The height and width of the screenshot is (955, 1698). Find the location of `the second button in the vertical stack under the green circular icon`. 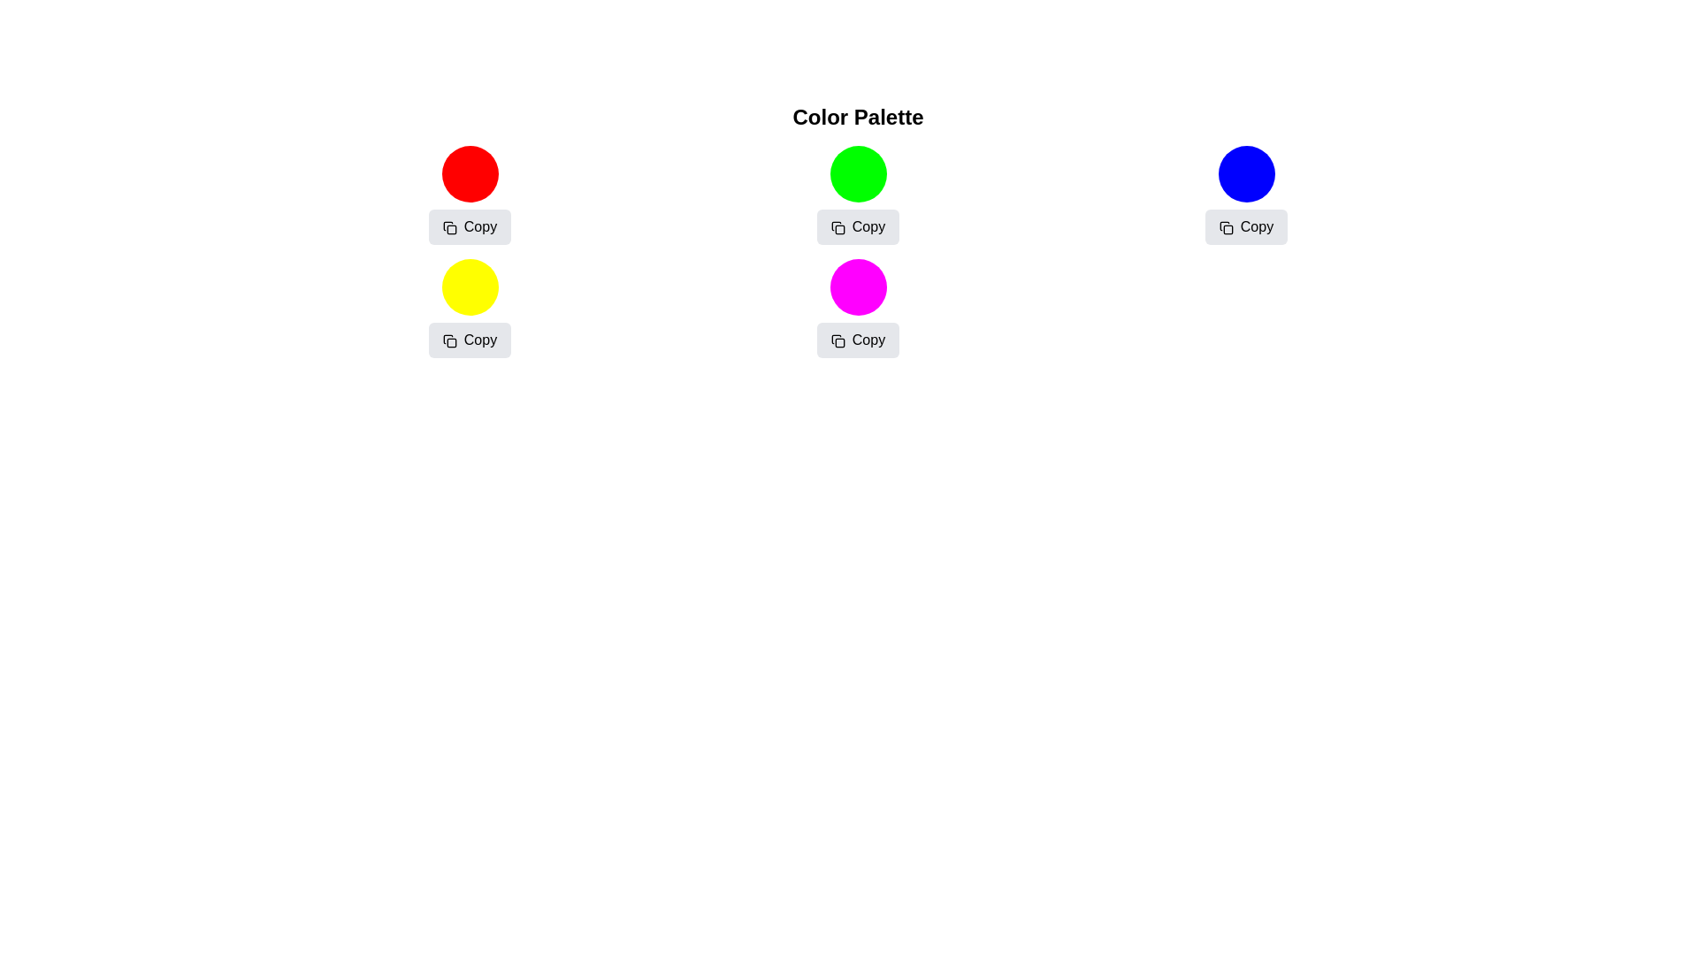

the second button in the vertical stack under the green circular icon is located at coordinates (858, 226).